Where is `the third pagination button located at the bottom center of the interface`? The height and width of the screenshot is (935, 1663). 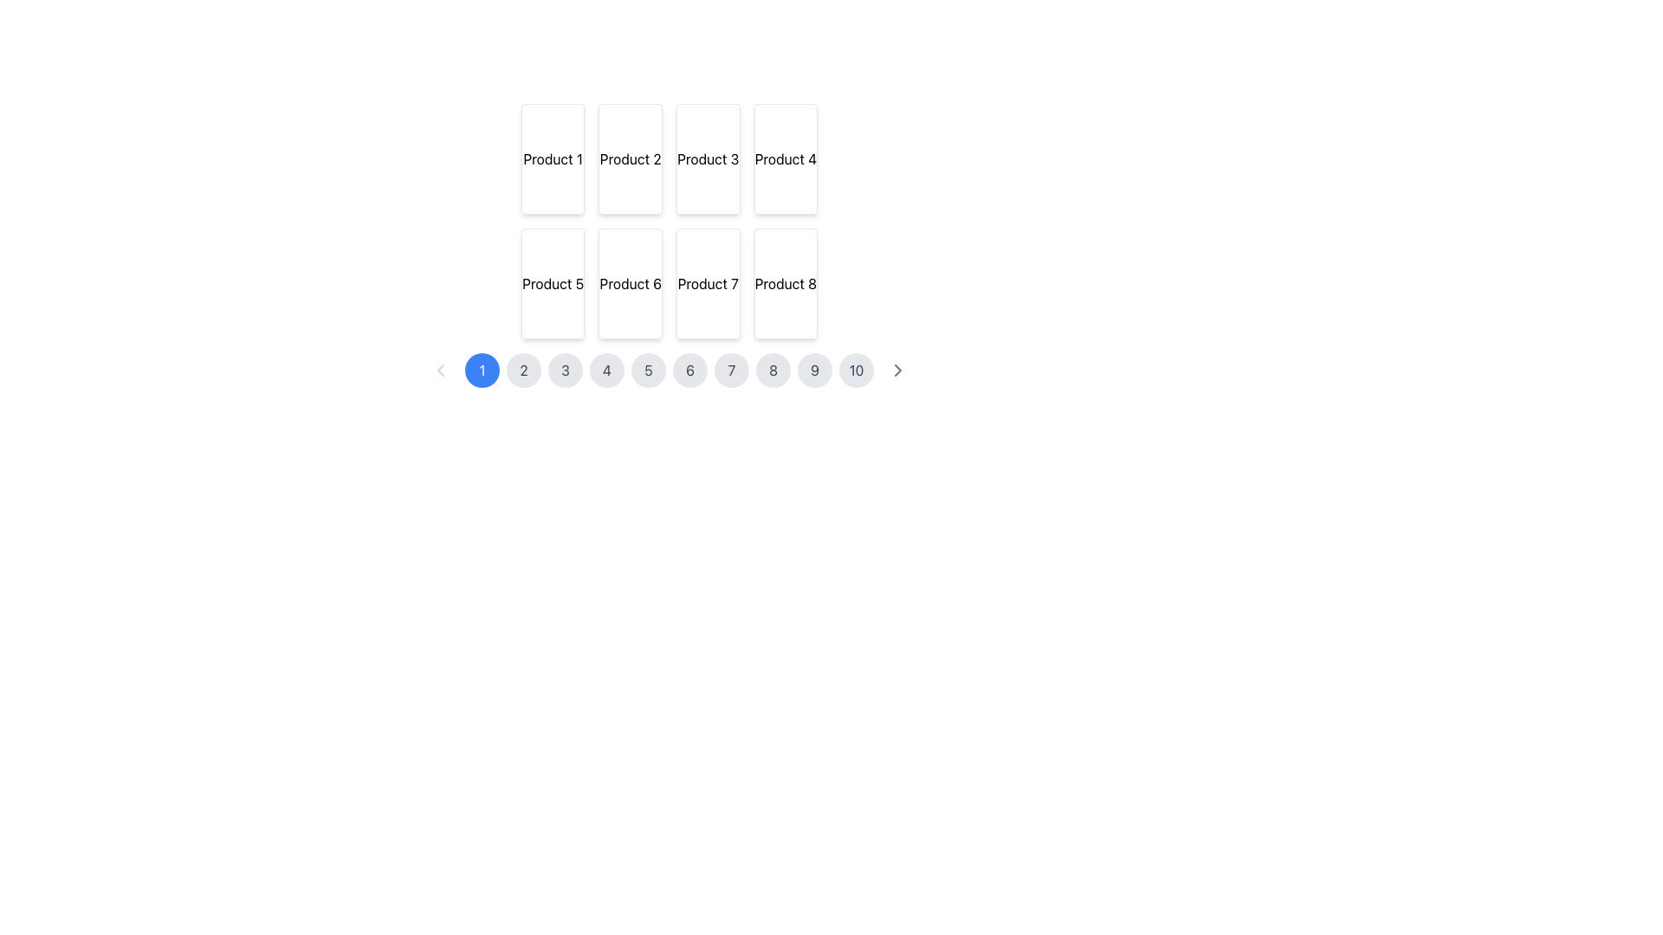
the third pagination button located at the bottom center of the interface is located at coordinates (565, 370).